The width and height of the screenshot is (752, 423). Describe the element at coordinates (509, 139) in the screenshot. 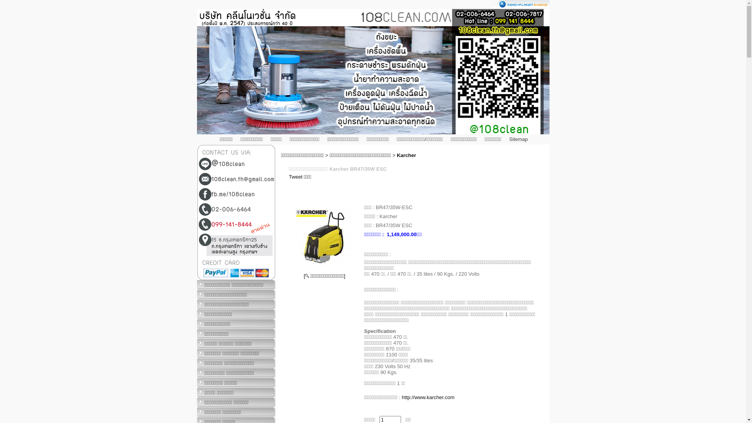

I see `'Sitemap'` at that location.